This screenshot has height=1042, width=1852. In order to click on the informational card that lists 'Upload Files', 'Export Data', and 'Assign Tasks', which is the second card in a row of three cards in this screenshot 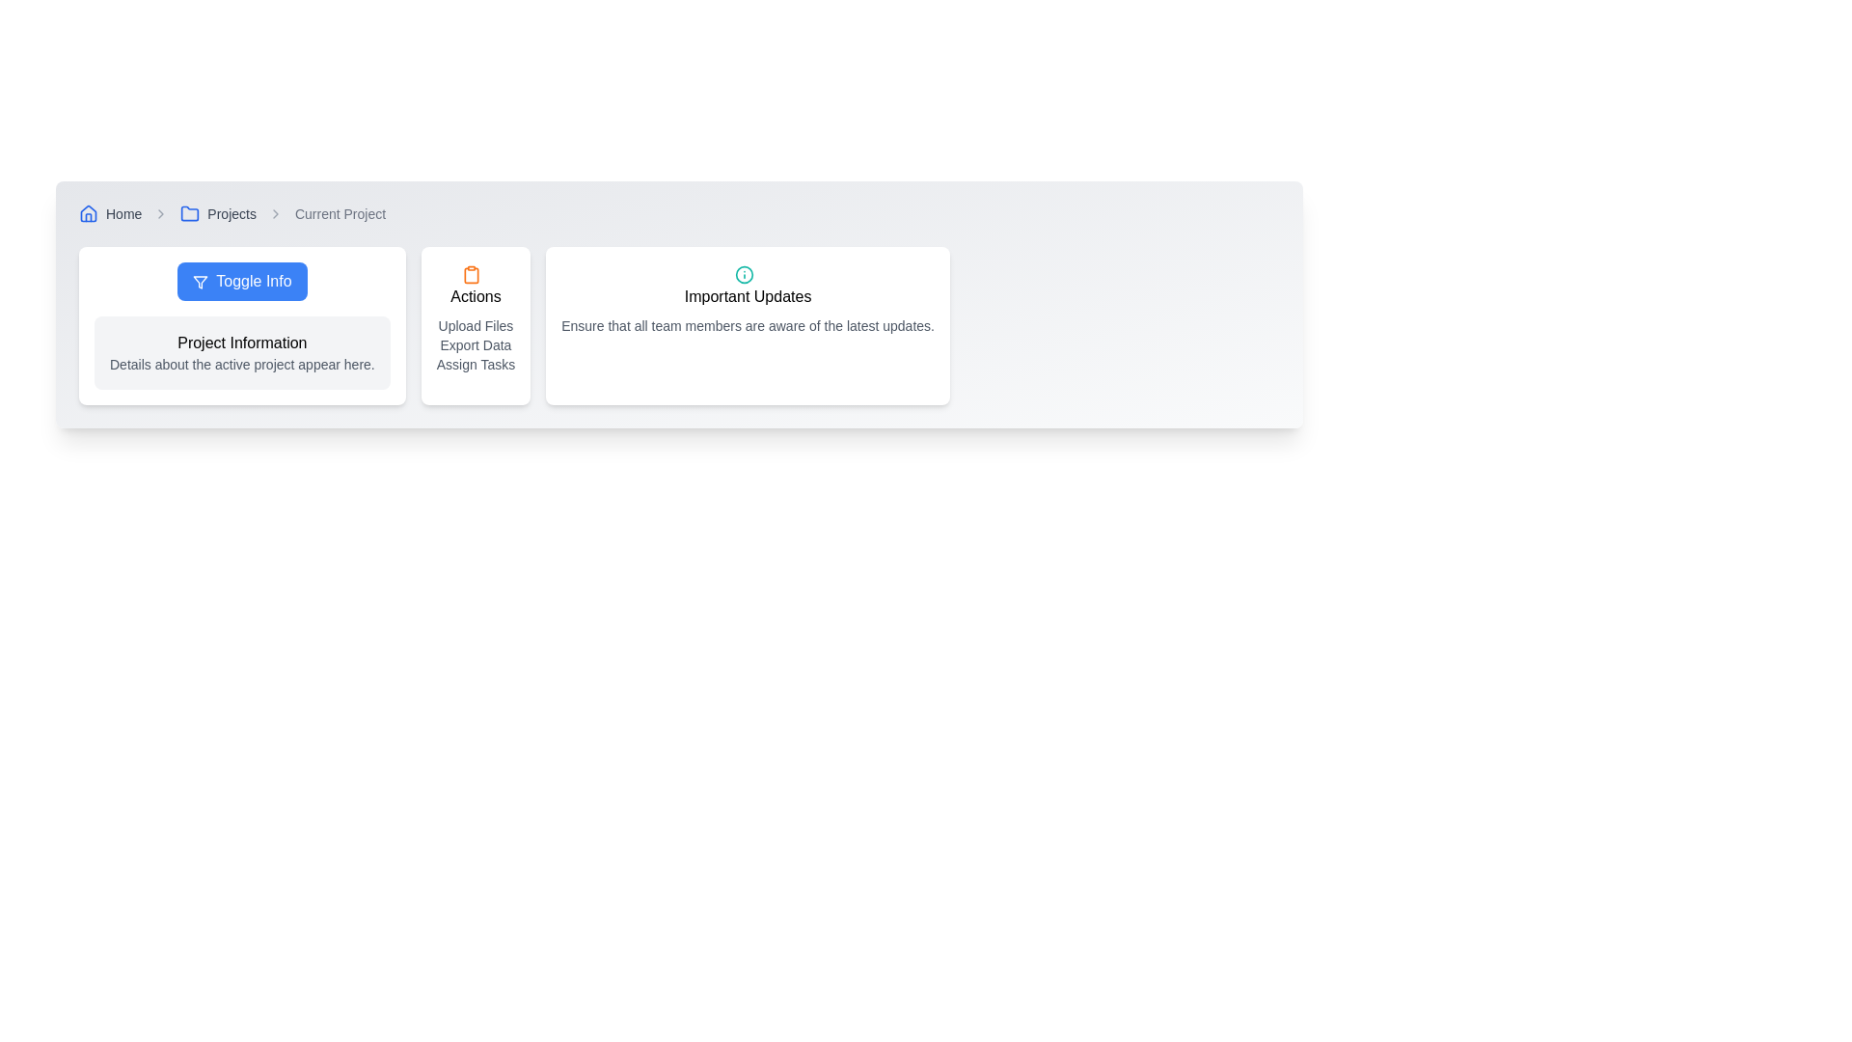, I will do `click(476, 325)`.